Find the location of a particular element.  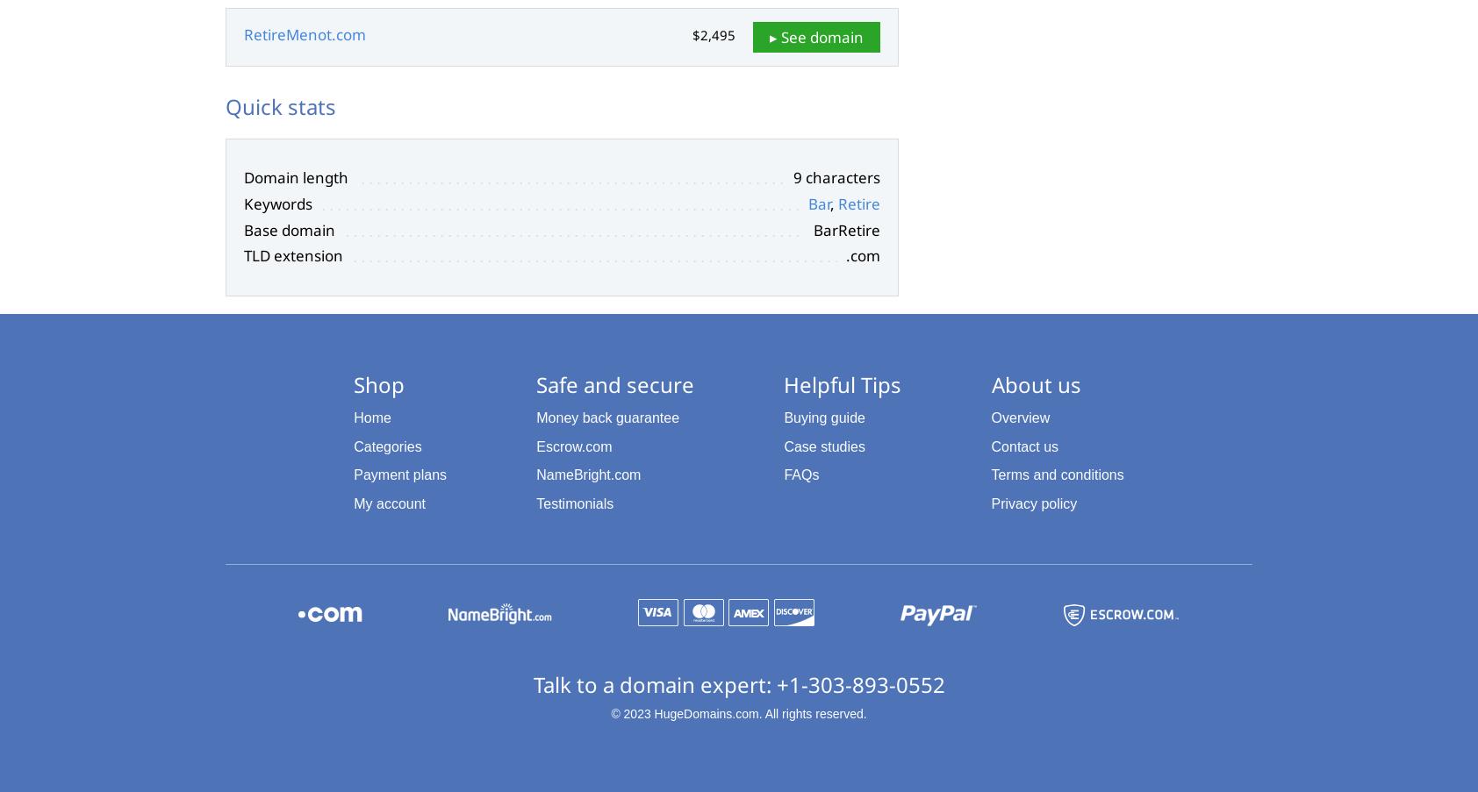

'Safe and secure' is located at coordinates (535, 382).